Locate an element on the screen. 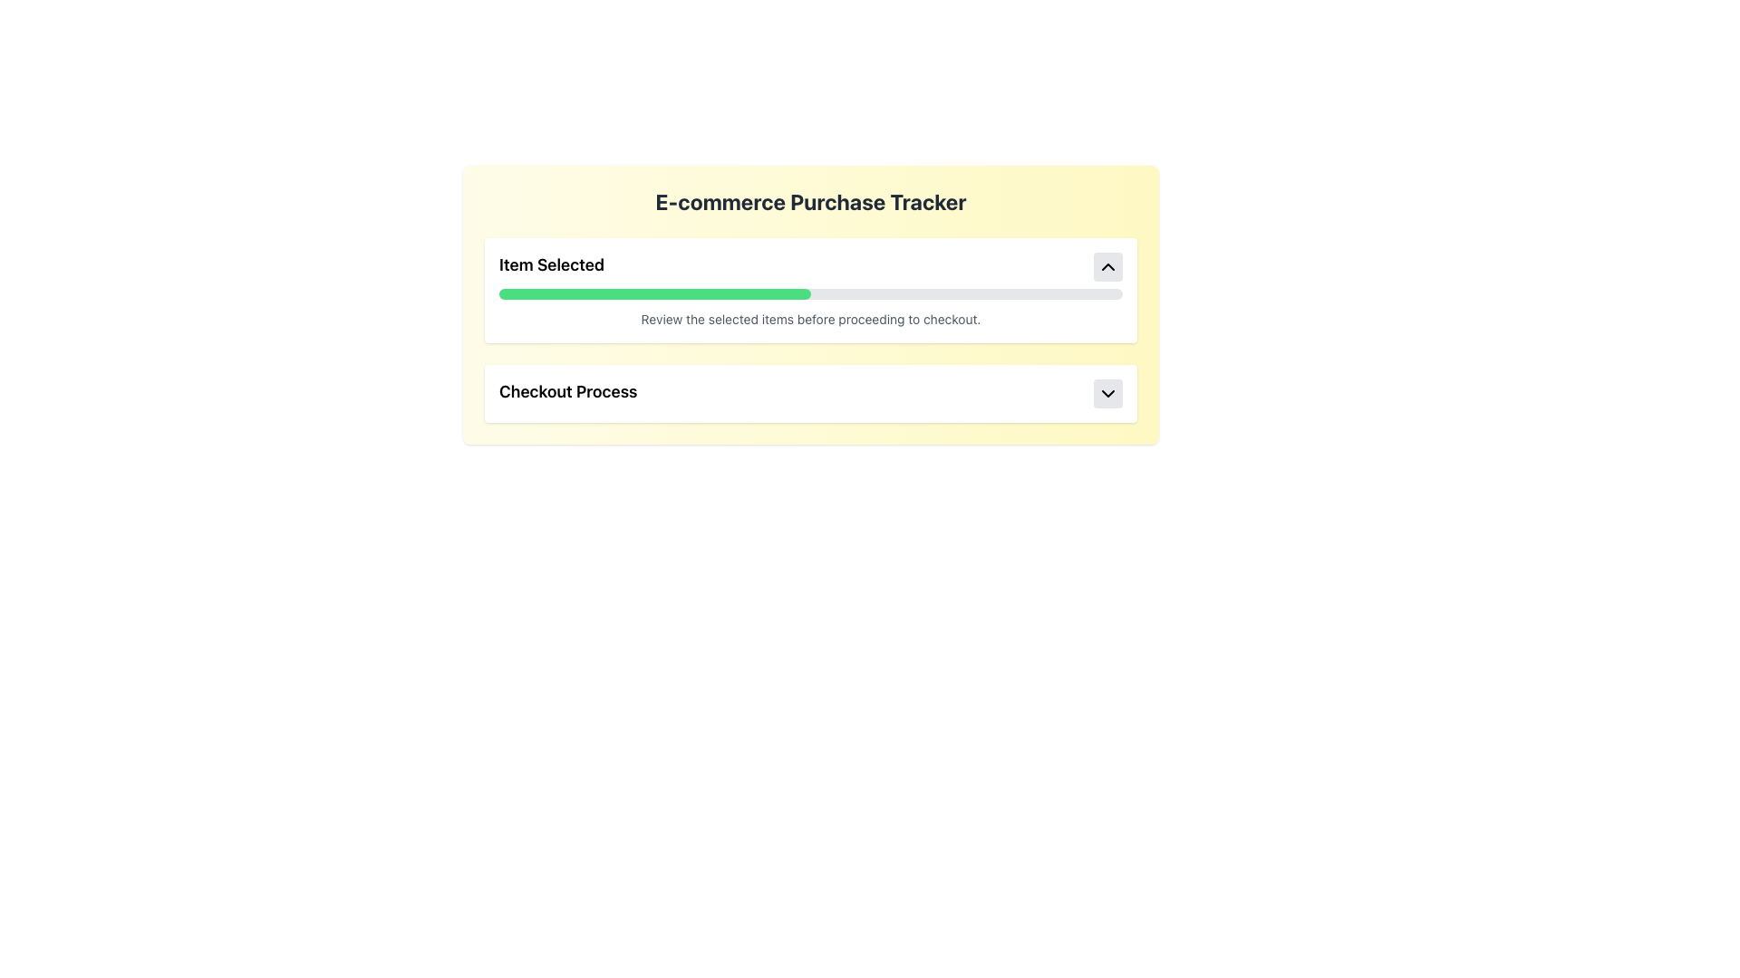 This screenshot has height=978, width=1740. the header text that indicates the current status or section, specifically highlighting that an item has been selected is located at coordinates (551, 266).